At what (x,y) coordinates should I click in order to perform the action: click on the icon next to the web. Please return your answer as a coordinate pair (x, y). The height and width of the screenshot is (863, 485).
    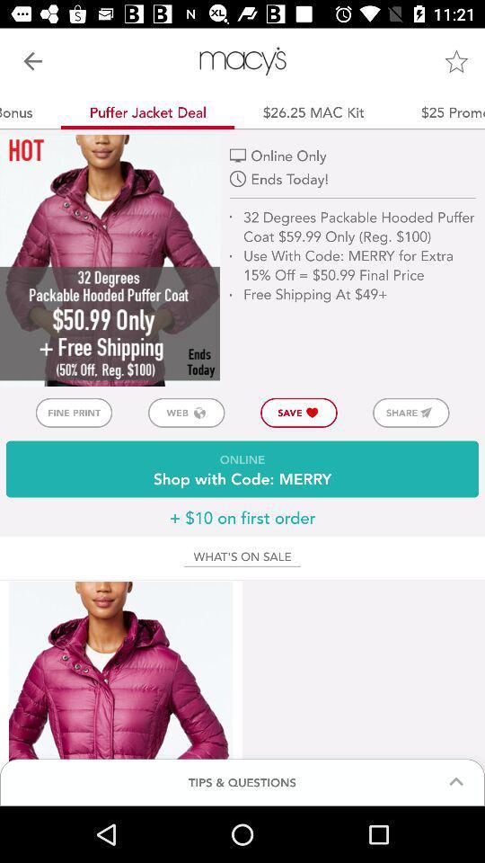
    Looking at the image, I should click on (73, 413).